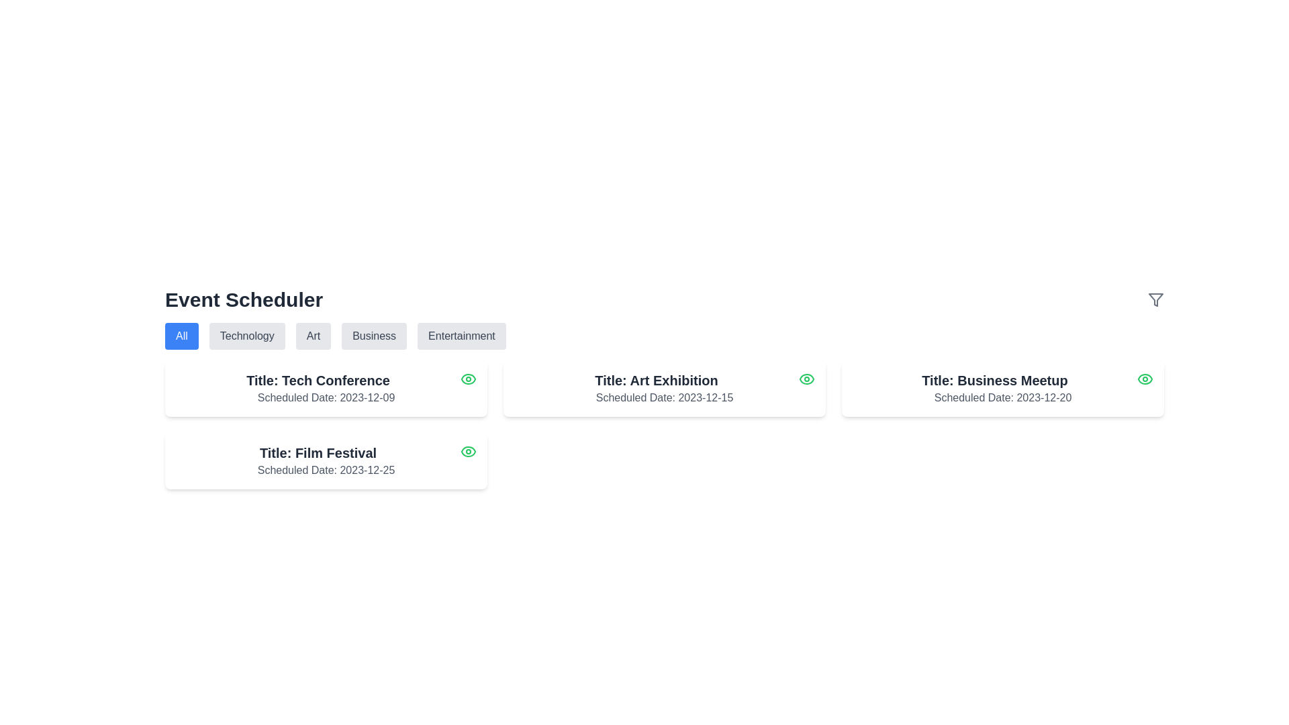  Describe the element at coordinates (326, 470) in the screenshot. I see `text label displaying 'Scheduled Date: 2023-12-25', which is styled in gray and located below the title 'Title: Film Festival' in the Event Scheduler card` at that location.